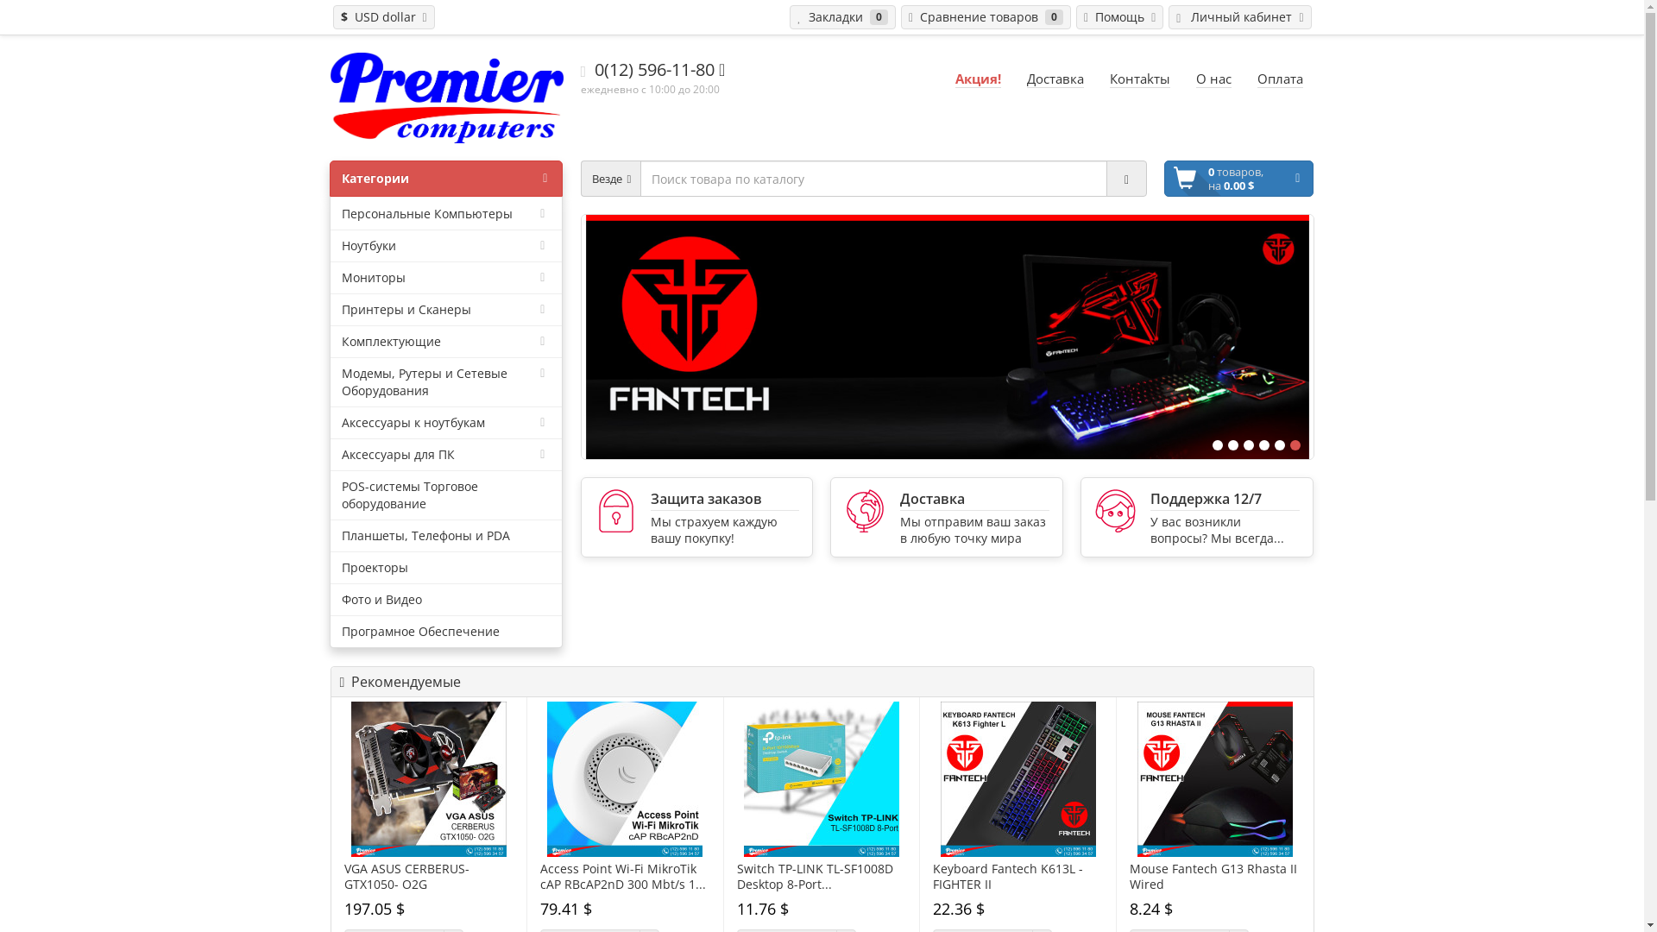 The image size is (1657, 932). I want to click on '6', so click(1288, 444).